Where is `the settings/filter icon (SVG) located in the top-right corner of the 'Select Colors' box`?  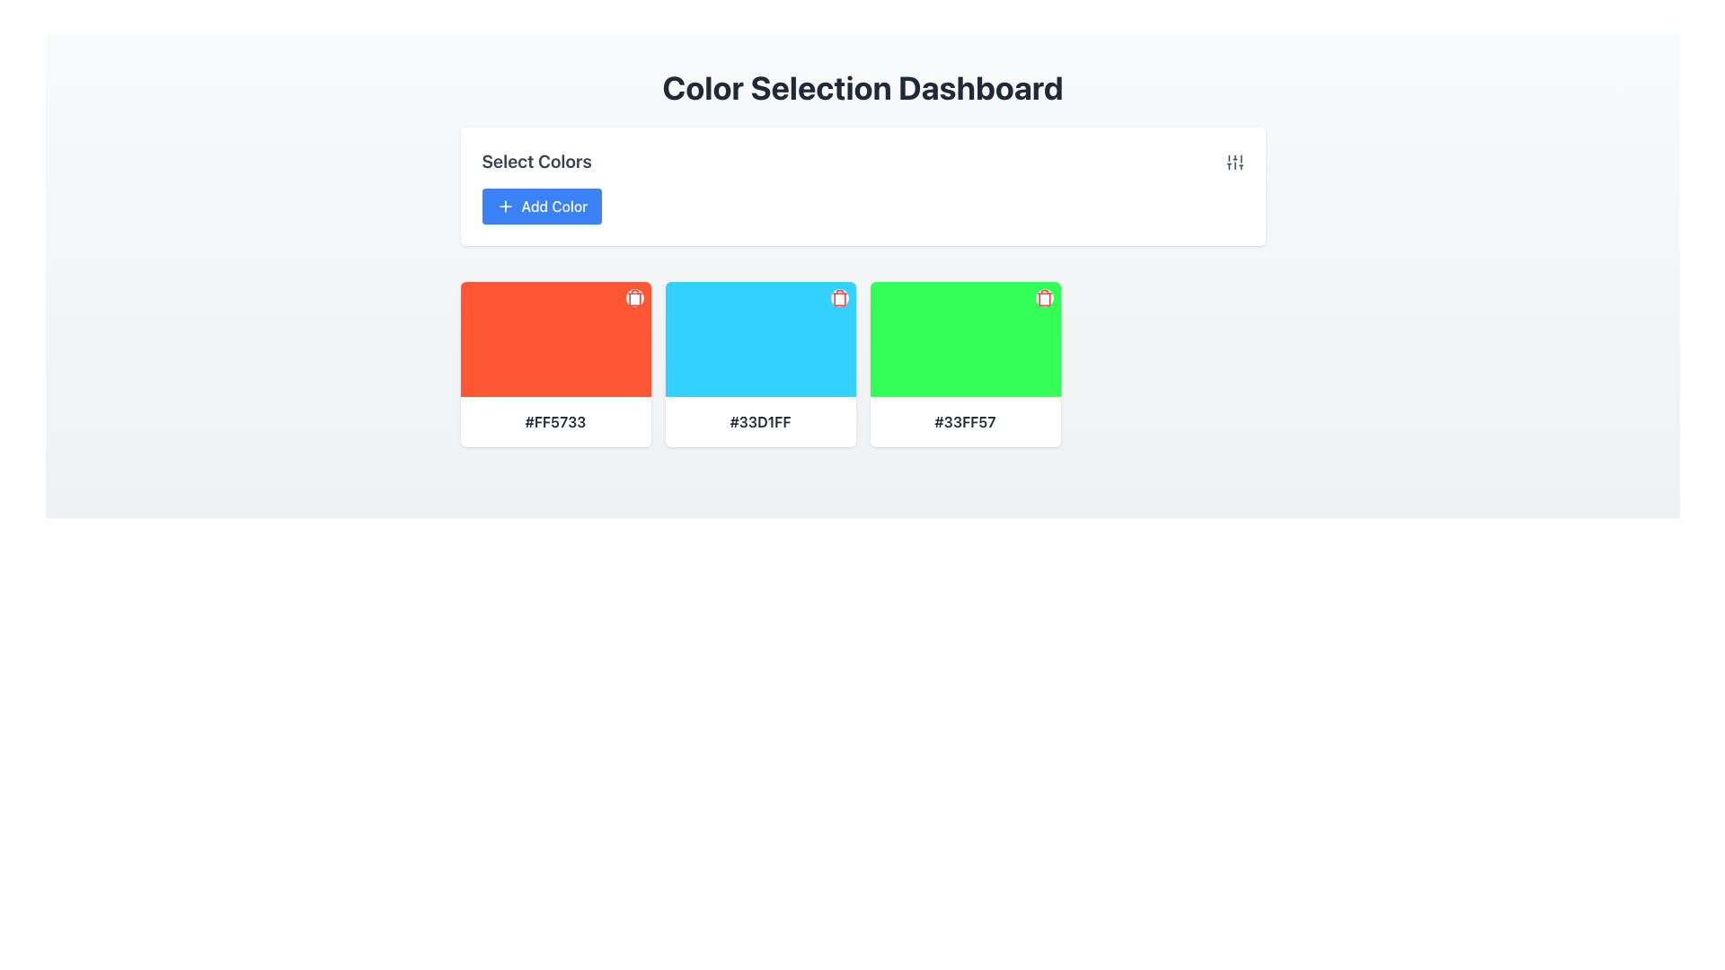 the settings/filter icon (SVG) located in the top-right corner of the 'Select Colors' box is located at coordinates (1234, 163).